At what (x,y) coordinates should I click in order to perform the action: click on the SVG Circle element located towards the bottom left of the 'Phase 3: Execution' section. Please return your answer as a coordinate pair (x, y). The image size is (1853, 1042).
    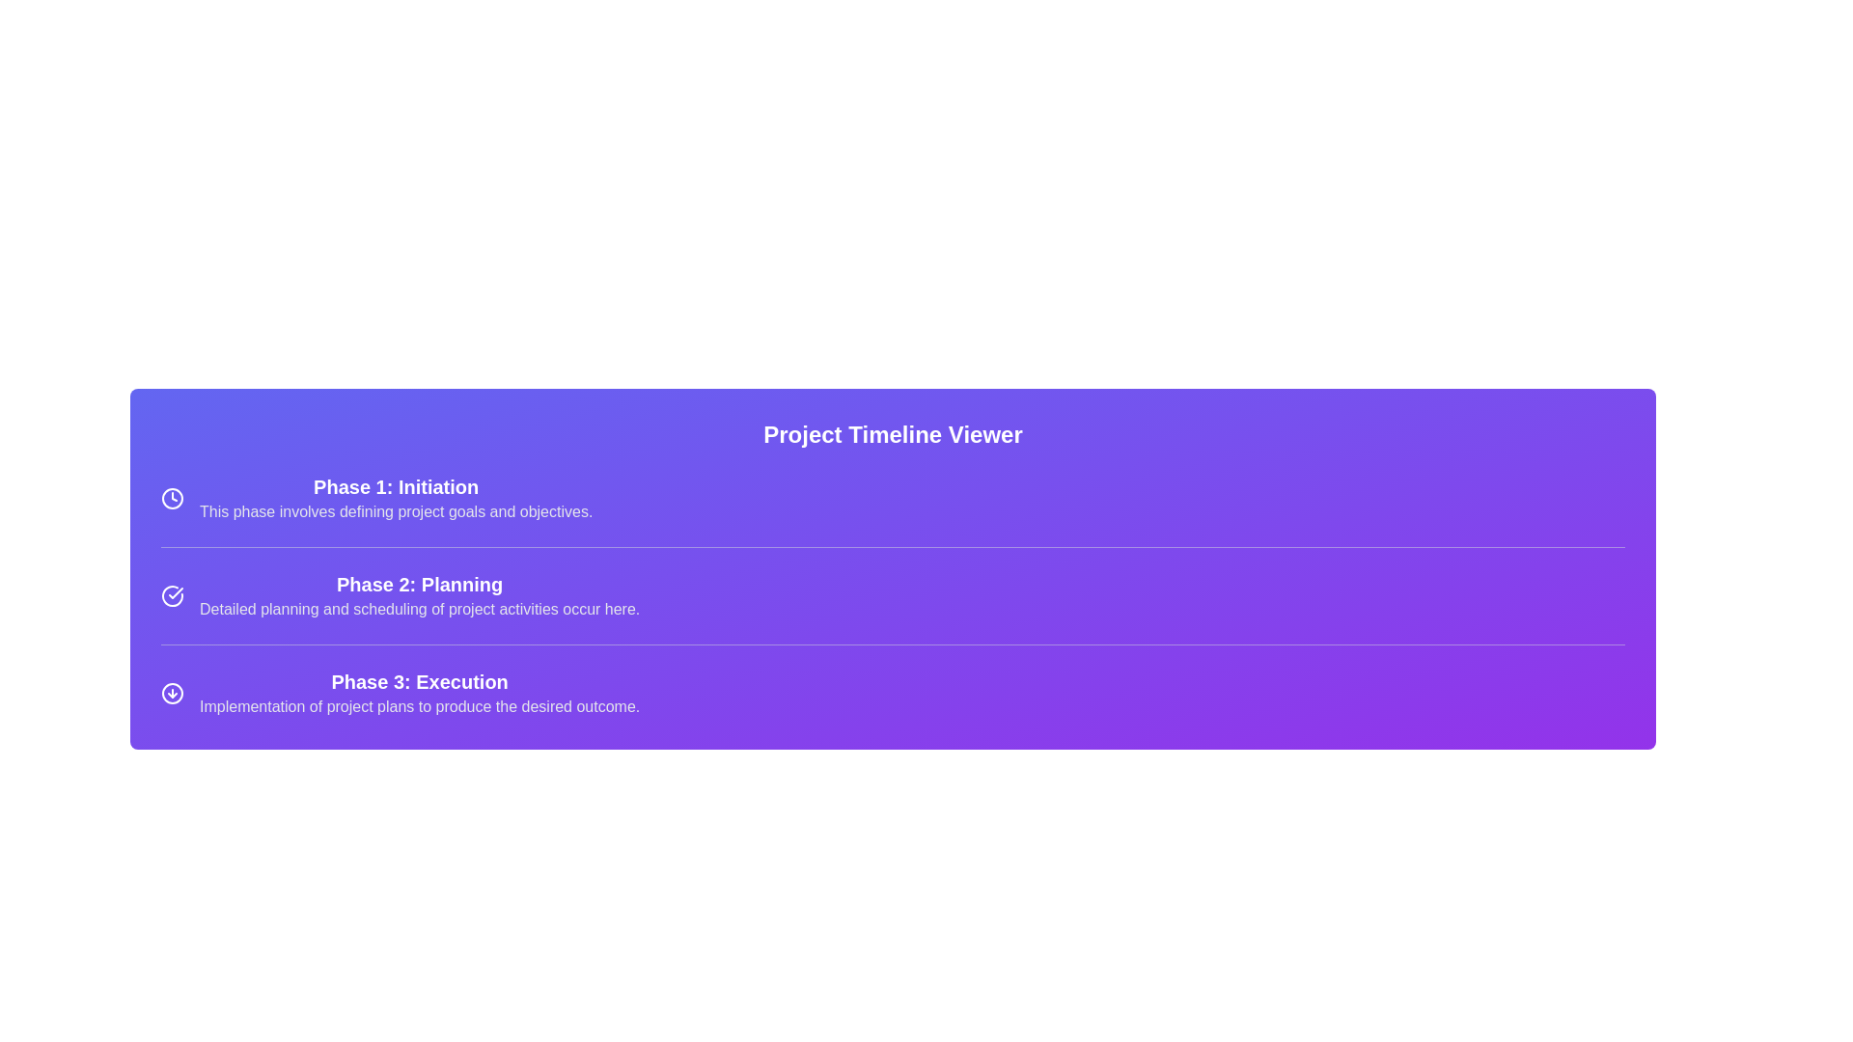
    Looking at the image, I should click on (172, 692).